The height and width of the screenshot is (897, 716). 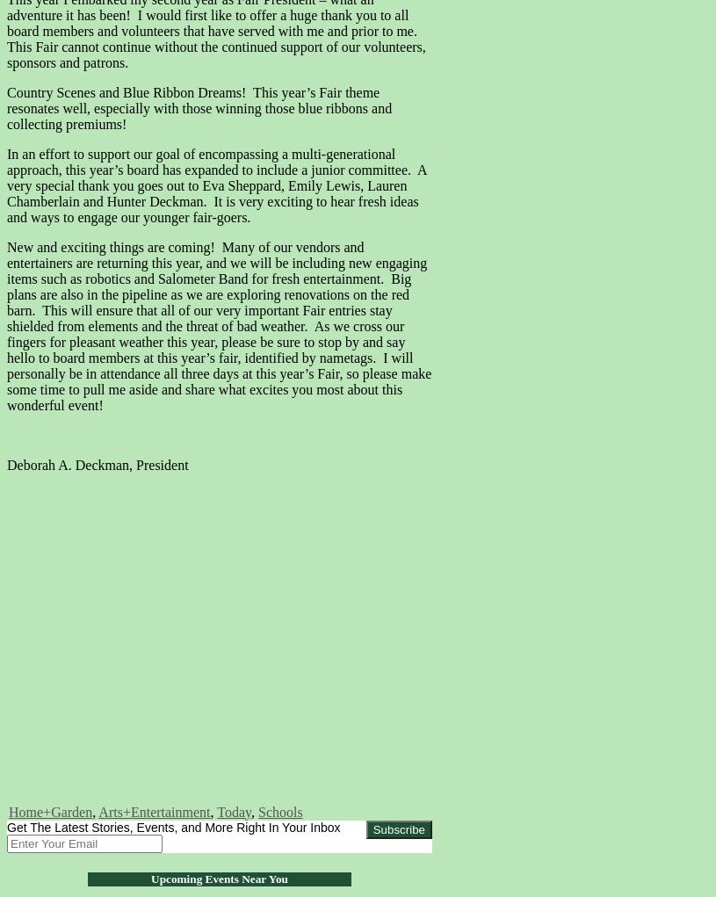 What do you see at coordinates (216, 184) in the screenshot?
I see `'In an effort to support our goal of encompassing a
multi-generational approach, this year’s board has expanded to include a junior
committee.  A very special thank you goes
out to Eva Sheppard, Emily Lewis, Lauren Chamberlain and Hunter Deckman.  It is very exciting to hear fresh ideas and
ways to engage our younger fair-goers.'` at bounding box center [216, 184].